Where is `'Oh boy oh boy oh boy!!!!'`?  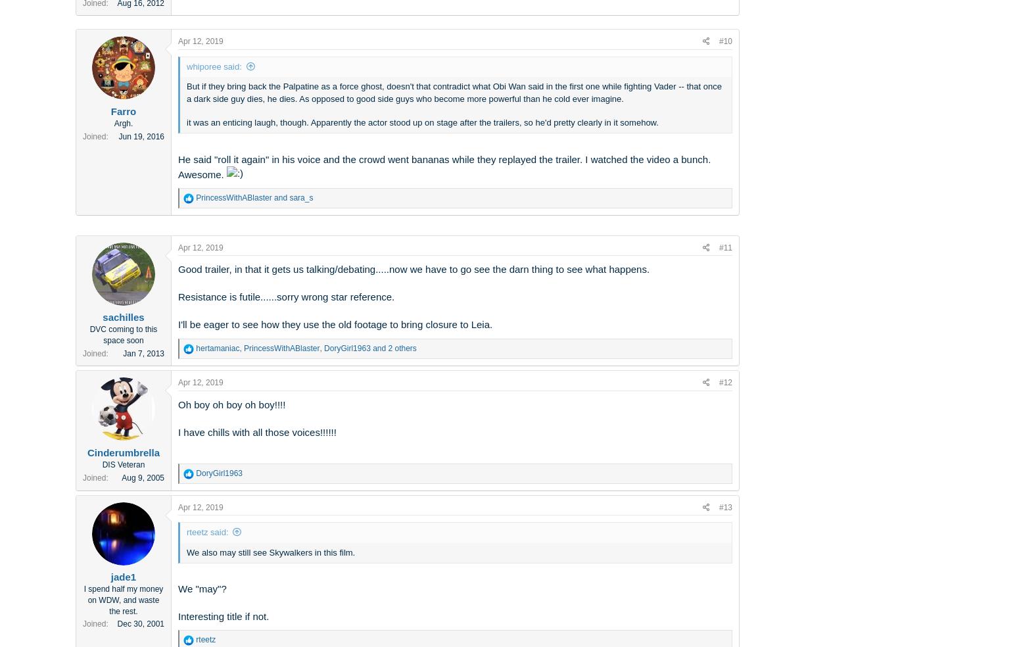 'Oh boy oh boy oh boy!!!!' is located at coordinates (231, 404).